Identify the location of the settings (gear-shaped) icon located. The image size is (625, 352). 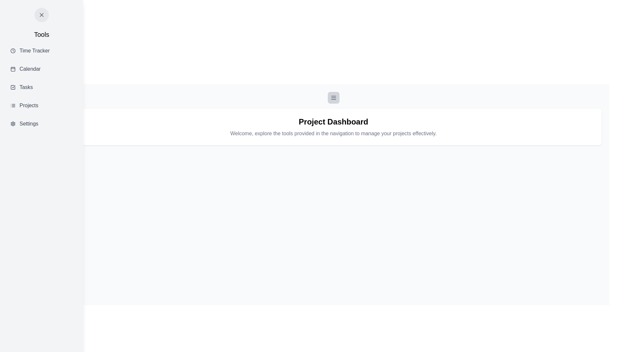
(13, 124).